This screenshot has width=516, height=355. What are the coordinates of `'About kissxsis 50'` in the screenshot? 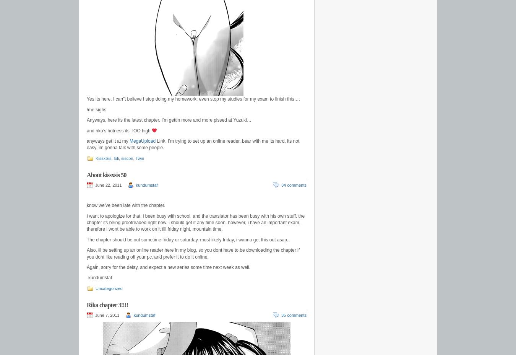 It's located at (106, 174).